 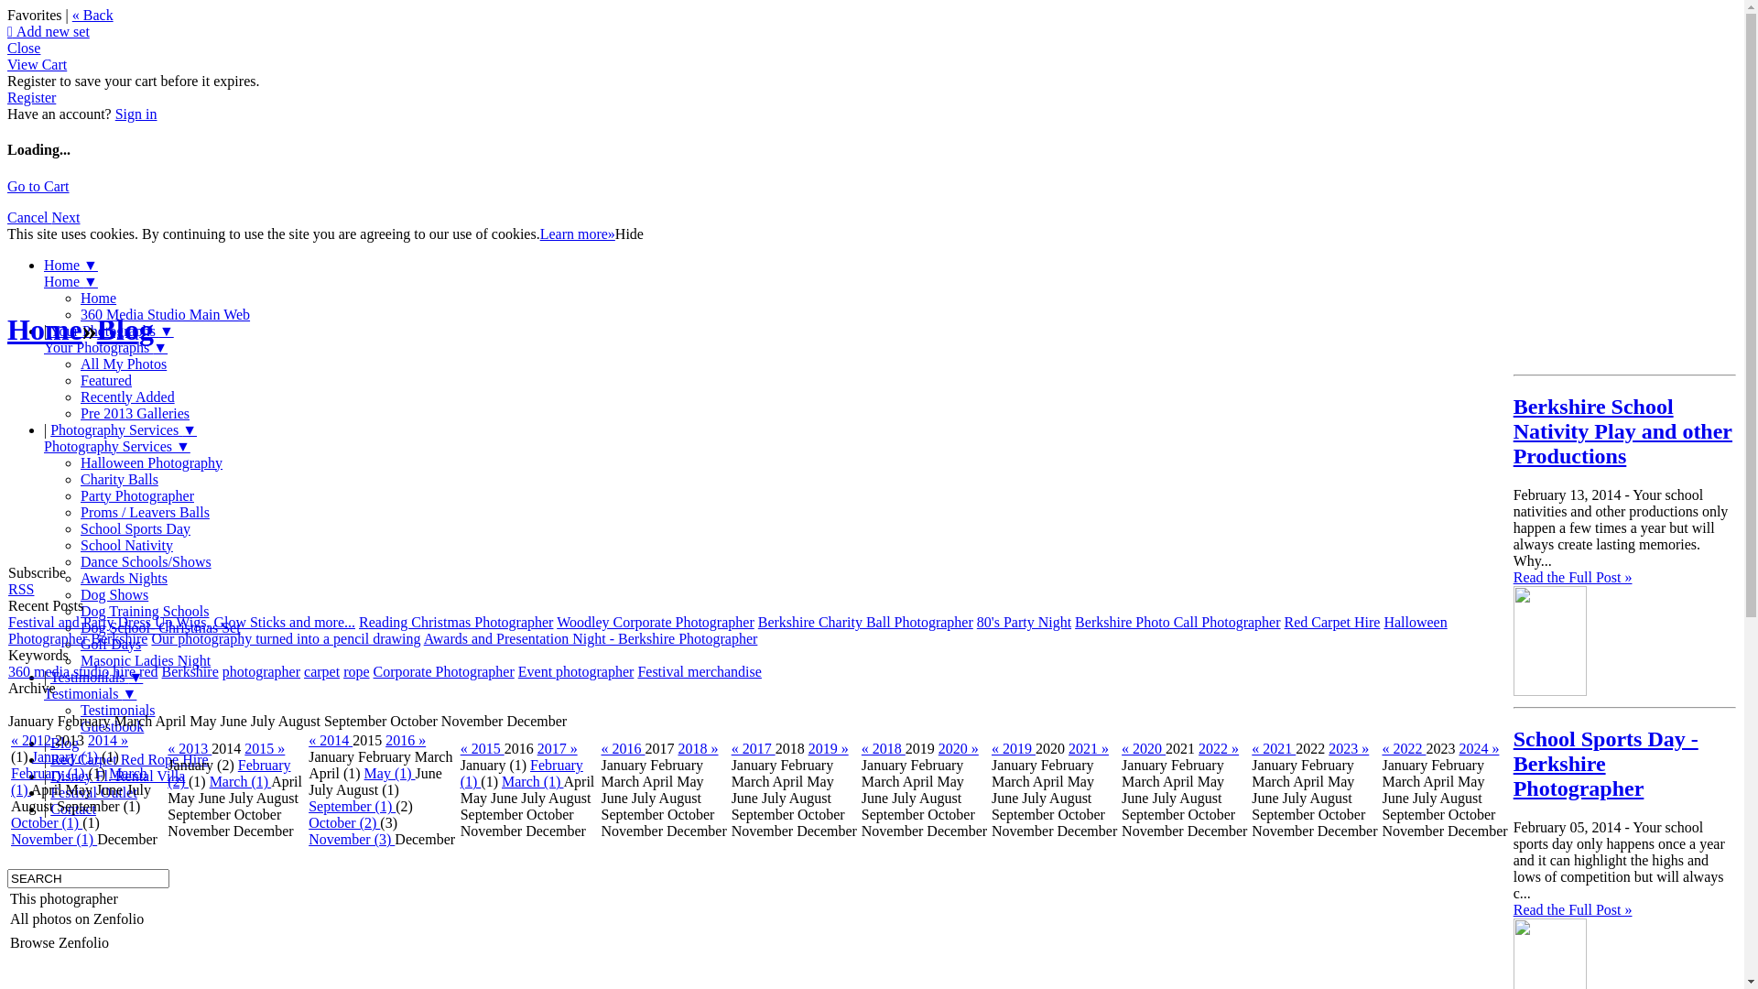 I want to click on 'School Sports Day - Berkshire Photographer', so click(x=1604, y=763).